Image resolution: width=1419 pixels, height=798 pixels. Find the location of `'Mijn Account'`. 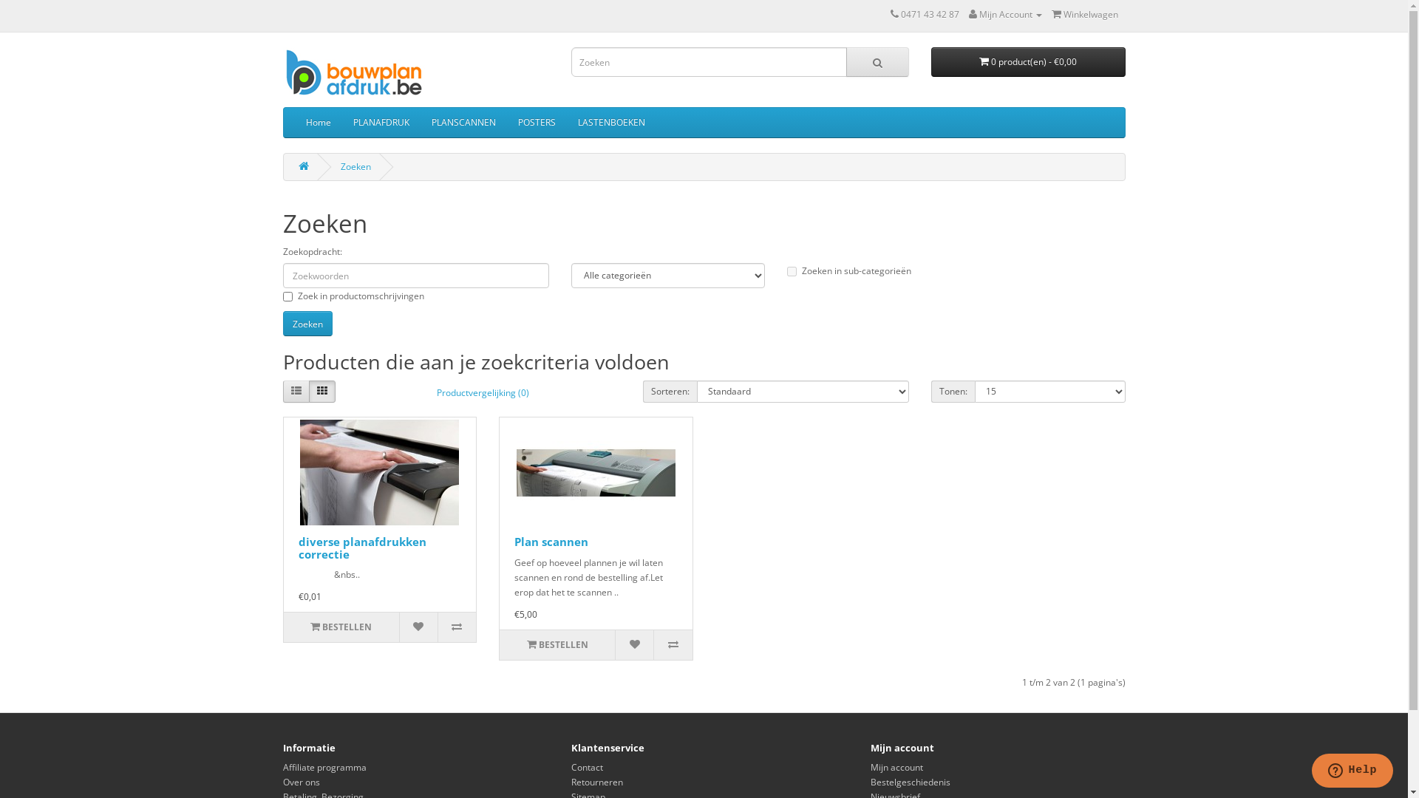

'Mijn Account' is located at coordinates (1004, 14).